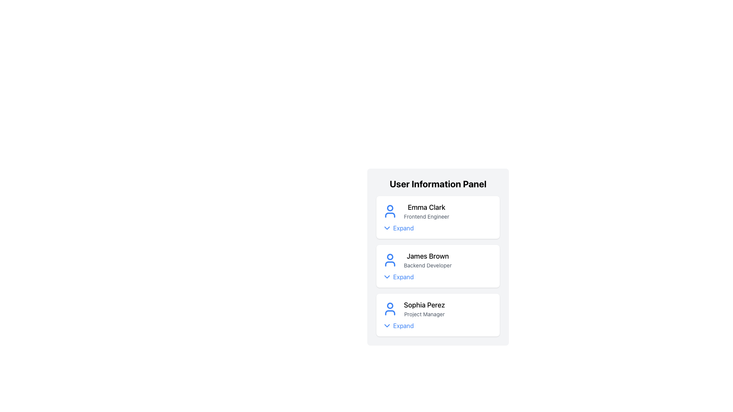 This screenshot has height=412, width=733. What do you see at coordinates (397, 227) in the screenshot?
I see `the button or link that expands or collapses additional information about 'Emma Clark', located at the bottom of the user card` at bounding box center [397, 227].